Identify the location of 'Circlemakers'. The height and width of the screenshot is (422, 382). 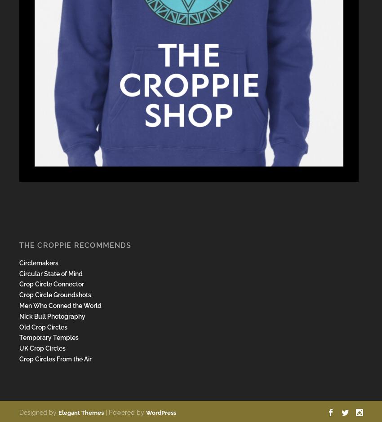
(38, 262).